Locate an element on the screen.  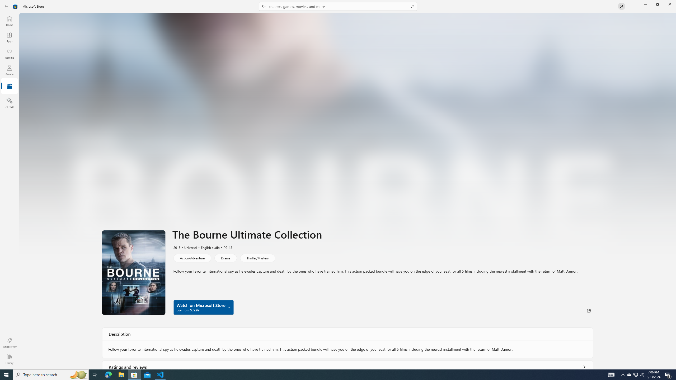
'Show all ratings and reviews' is located at coordinates (584, 366).